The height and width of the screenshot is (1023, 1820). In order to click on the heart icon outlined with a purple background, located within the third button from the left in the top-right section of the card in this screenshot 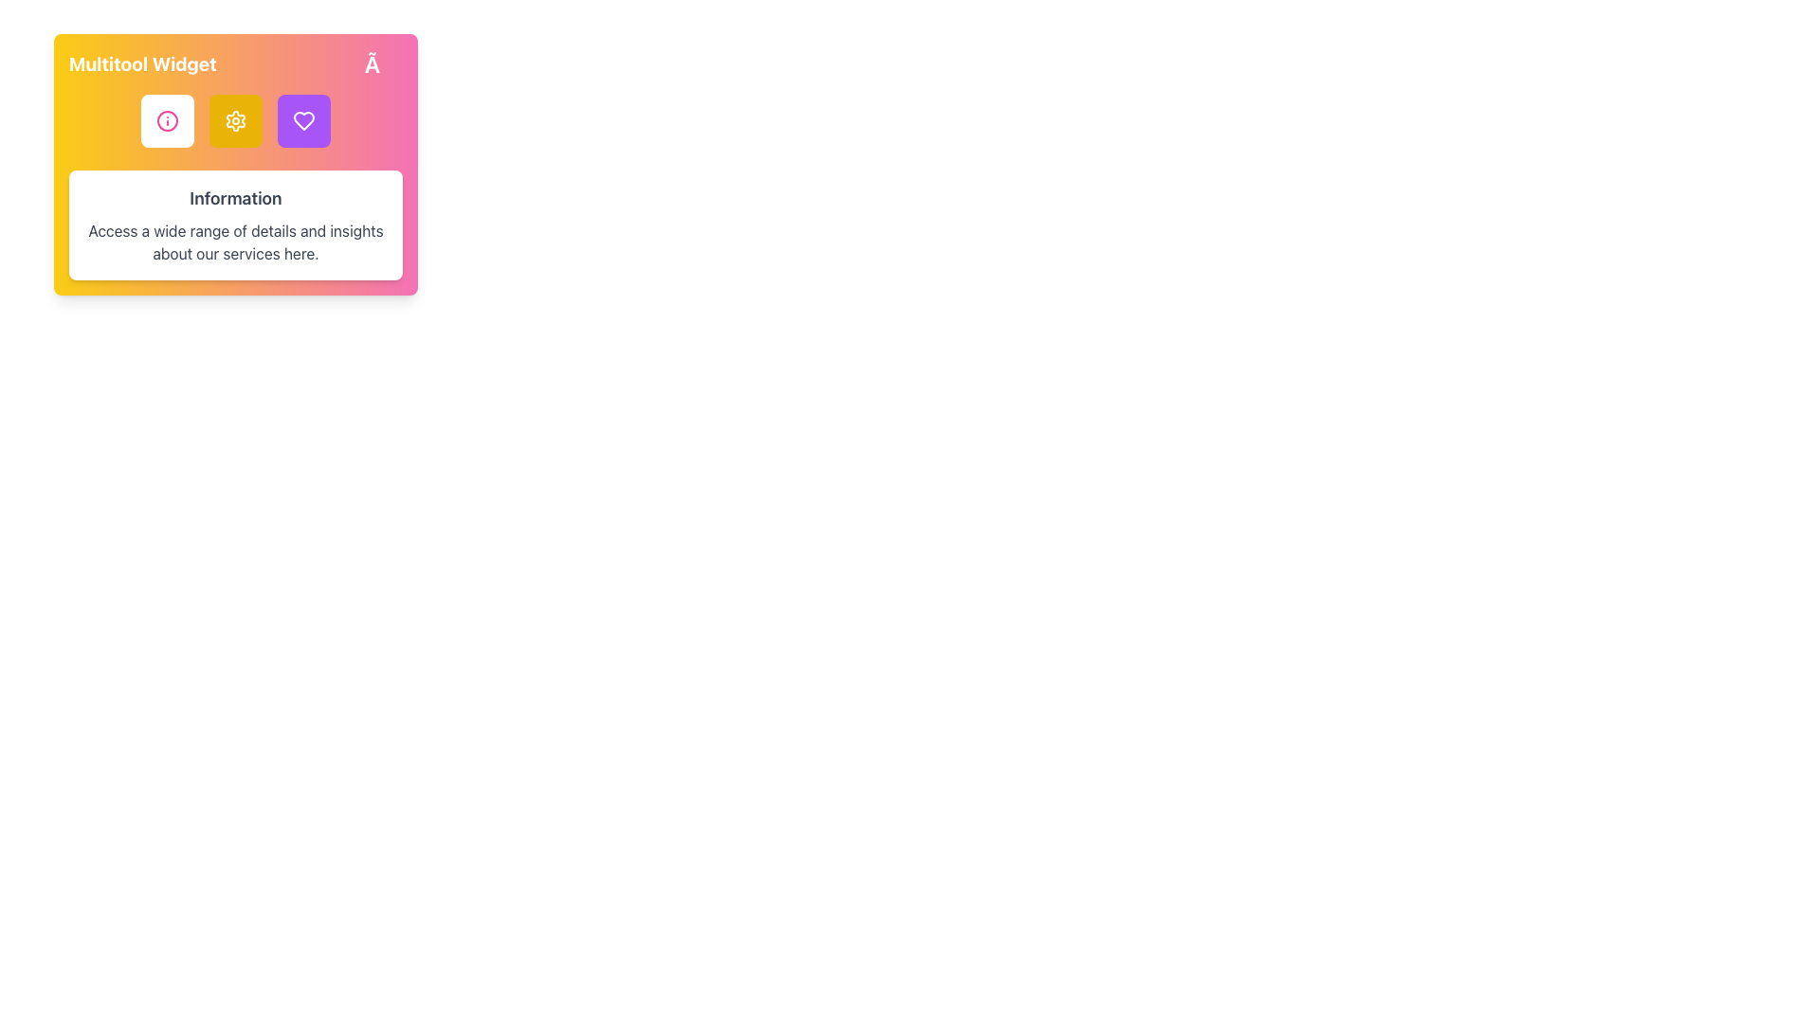, I will do `click(304, 120)`.